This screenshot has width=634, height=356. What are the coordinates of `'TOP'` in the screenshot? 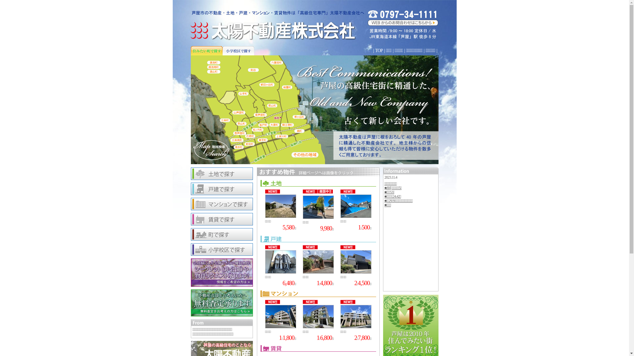 It's located at (379, 50).